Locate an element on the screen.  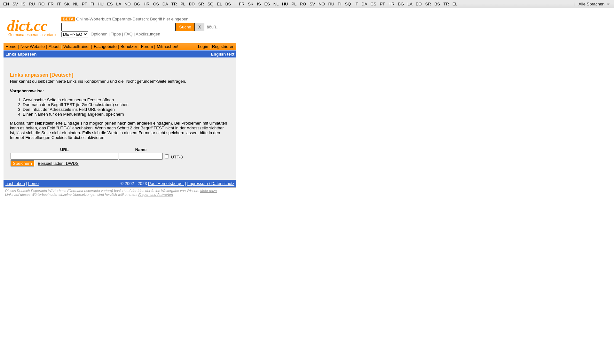
'LA' is located at coordinates (118, 4).